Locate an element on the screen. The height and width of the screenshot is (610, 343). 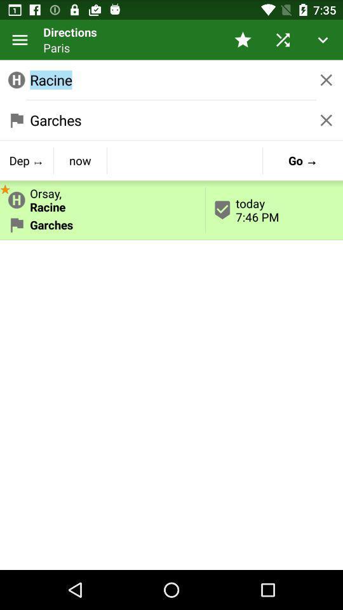
icon next to the now is located at coordinates (4, 187).